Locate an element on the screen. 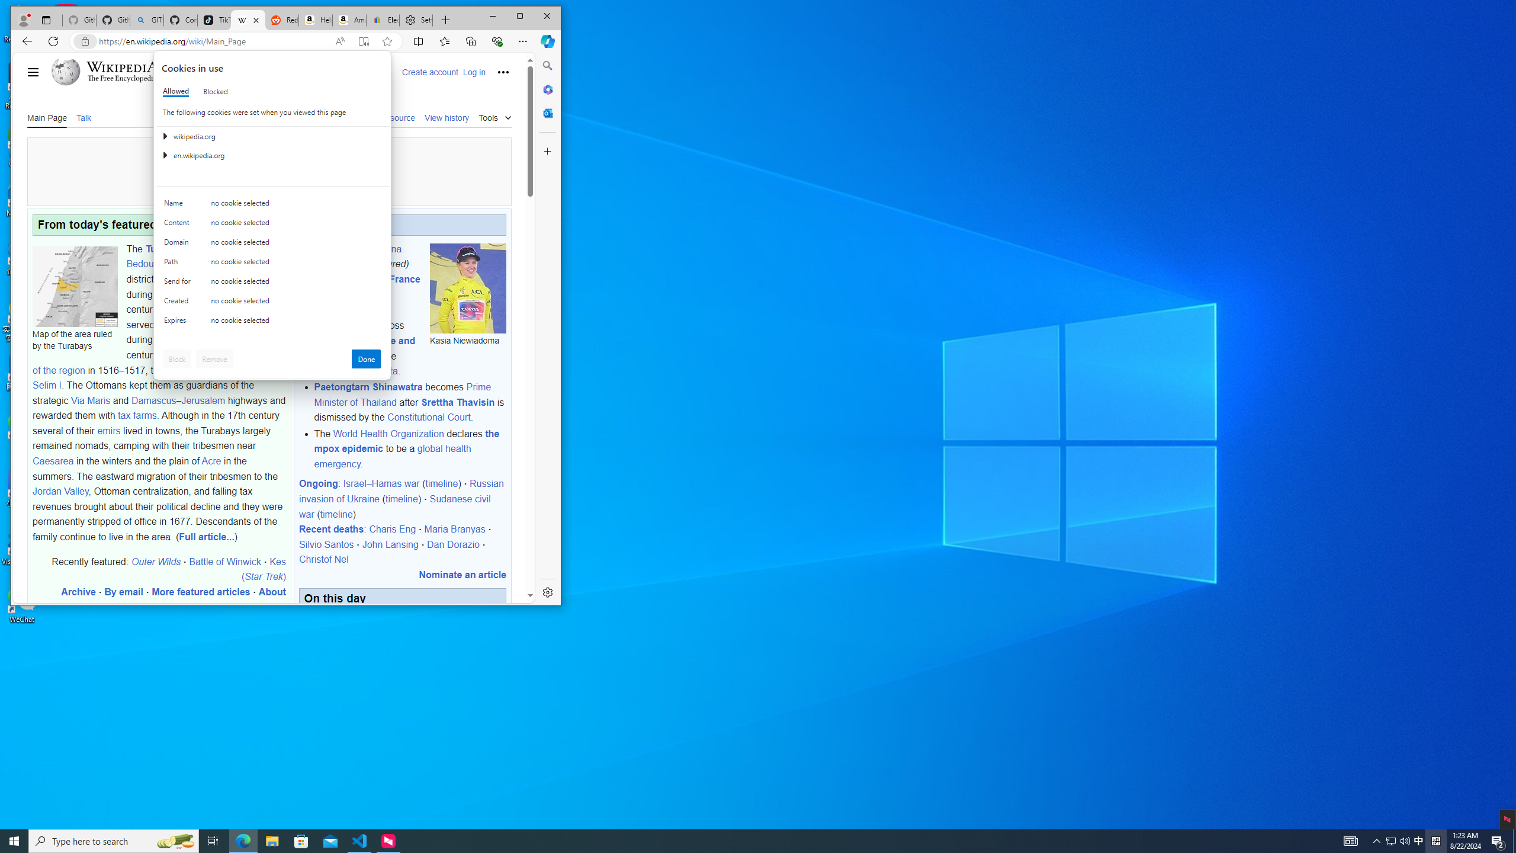 The height and width of the screenshot is (853, 1516). 'Microsoft Edge - 1 running window' is located at coordinates (242, 840).